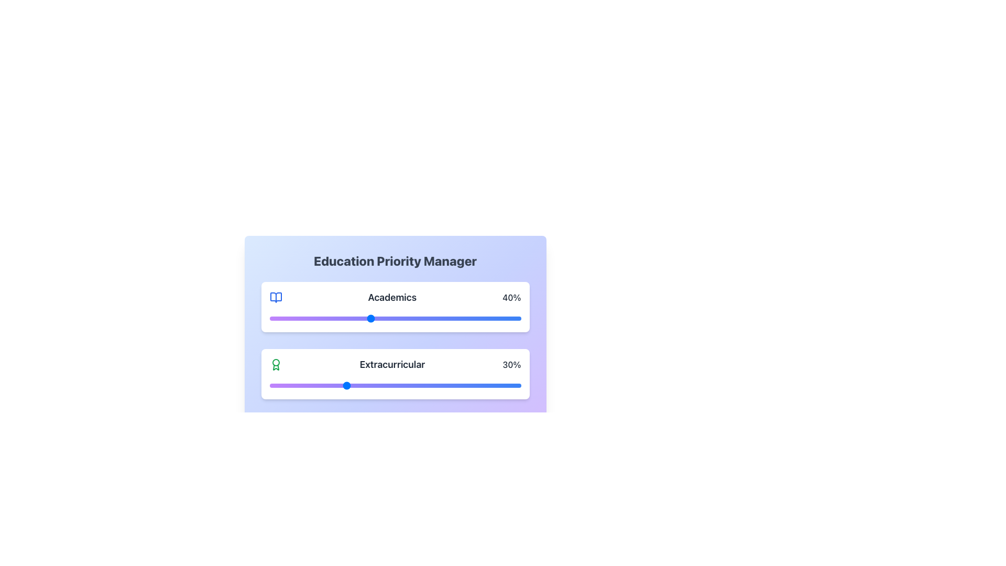  I want to click on 'Extracurricular' value, so click(292, 386).